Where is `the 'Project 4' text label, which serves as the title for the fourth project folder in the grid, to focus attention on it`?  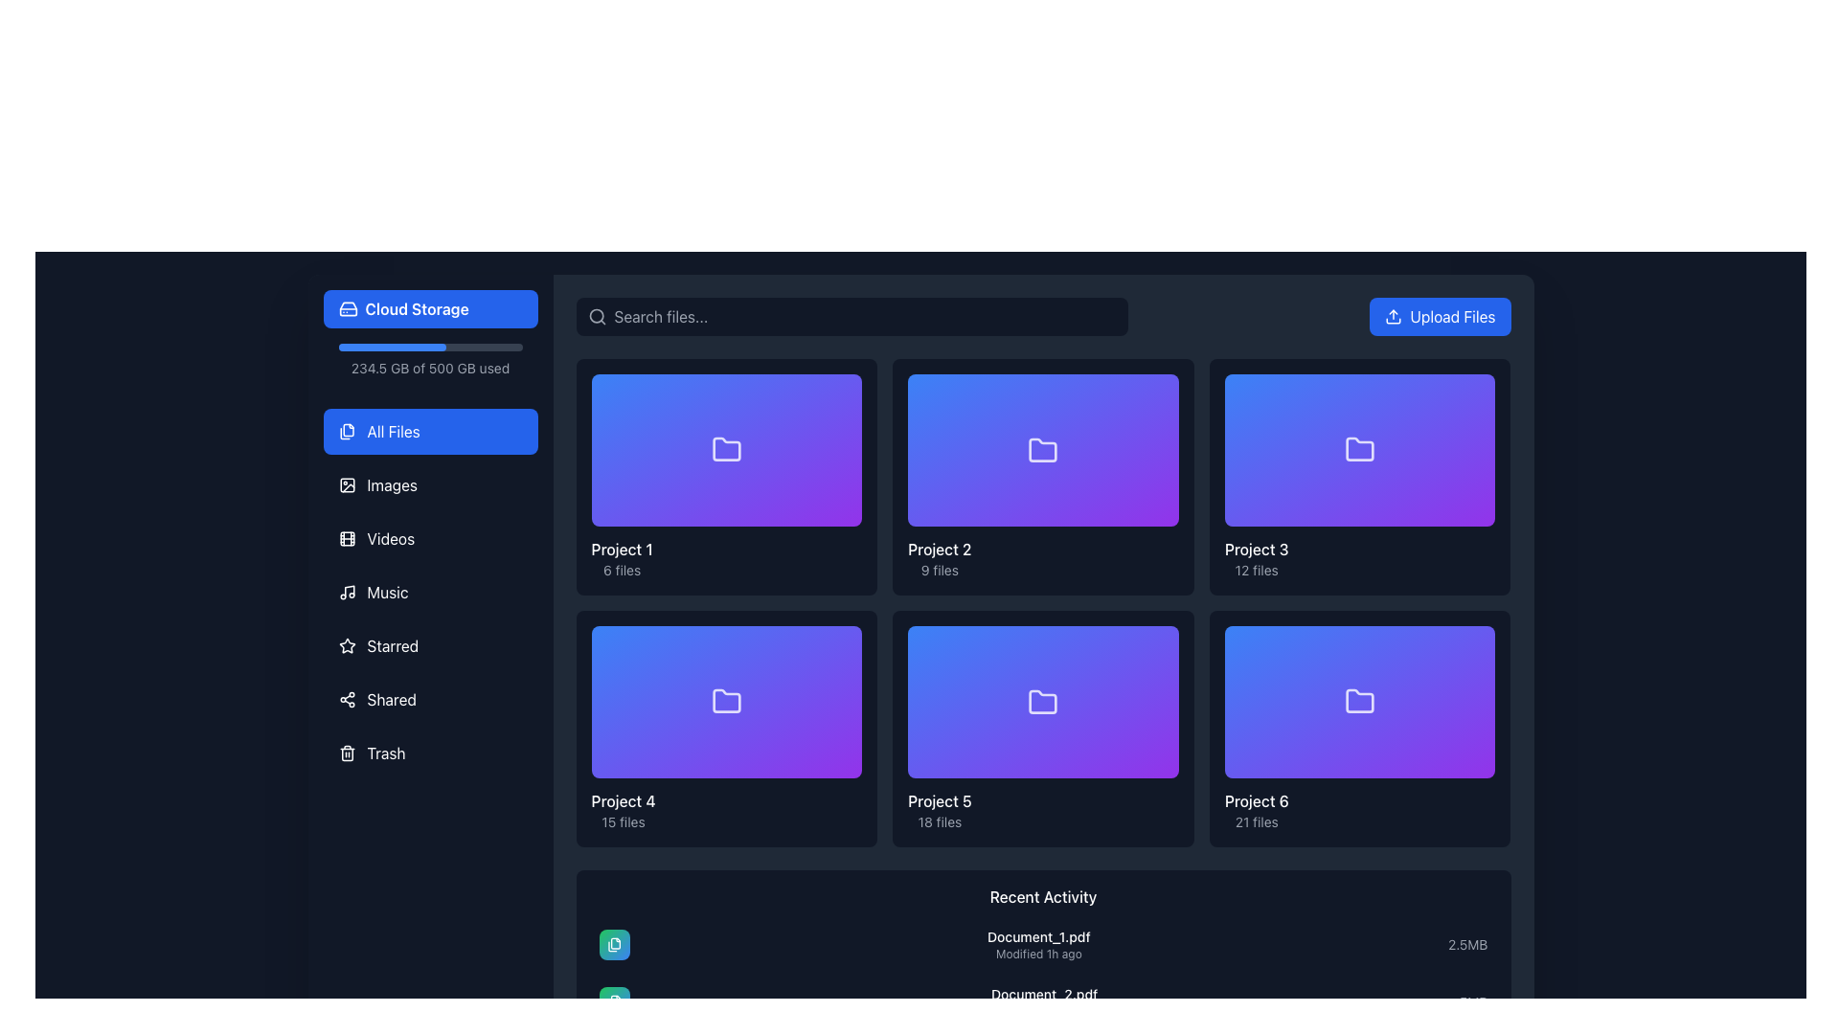
the 'Project 4' text label, which serves as the title for the fourth project folder in the grid, to focus attention on it is located at coordinates (624, 801).